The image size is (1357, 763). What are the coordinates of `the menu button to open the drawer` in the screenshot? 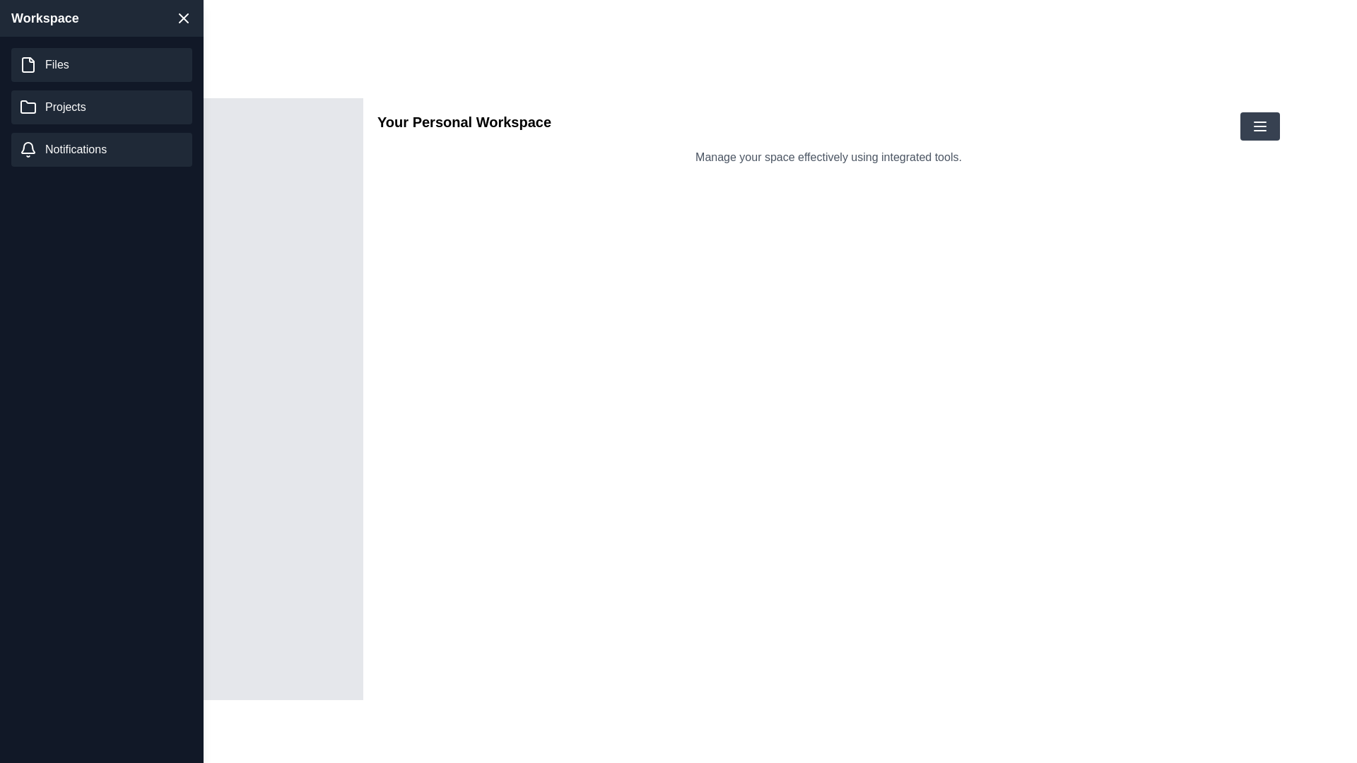 It's located at (1259, 125).